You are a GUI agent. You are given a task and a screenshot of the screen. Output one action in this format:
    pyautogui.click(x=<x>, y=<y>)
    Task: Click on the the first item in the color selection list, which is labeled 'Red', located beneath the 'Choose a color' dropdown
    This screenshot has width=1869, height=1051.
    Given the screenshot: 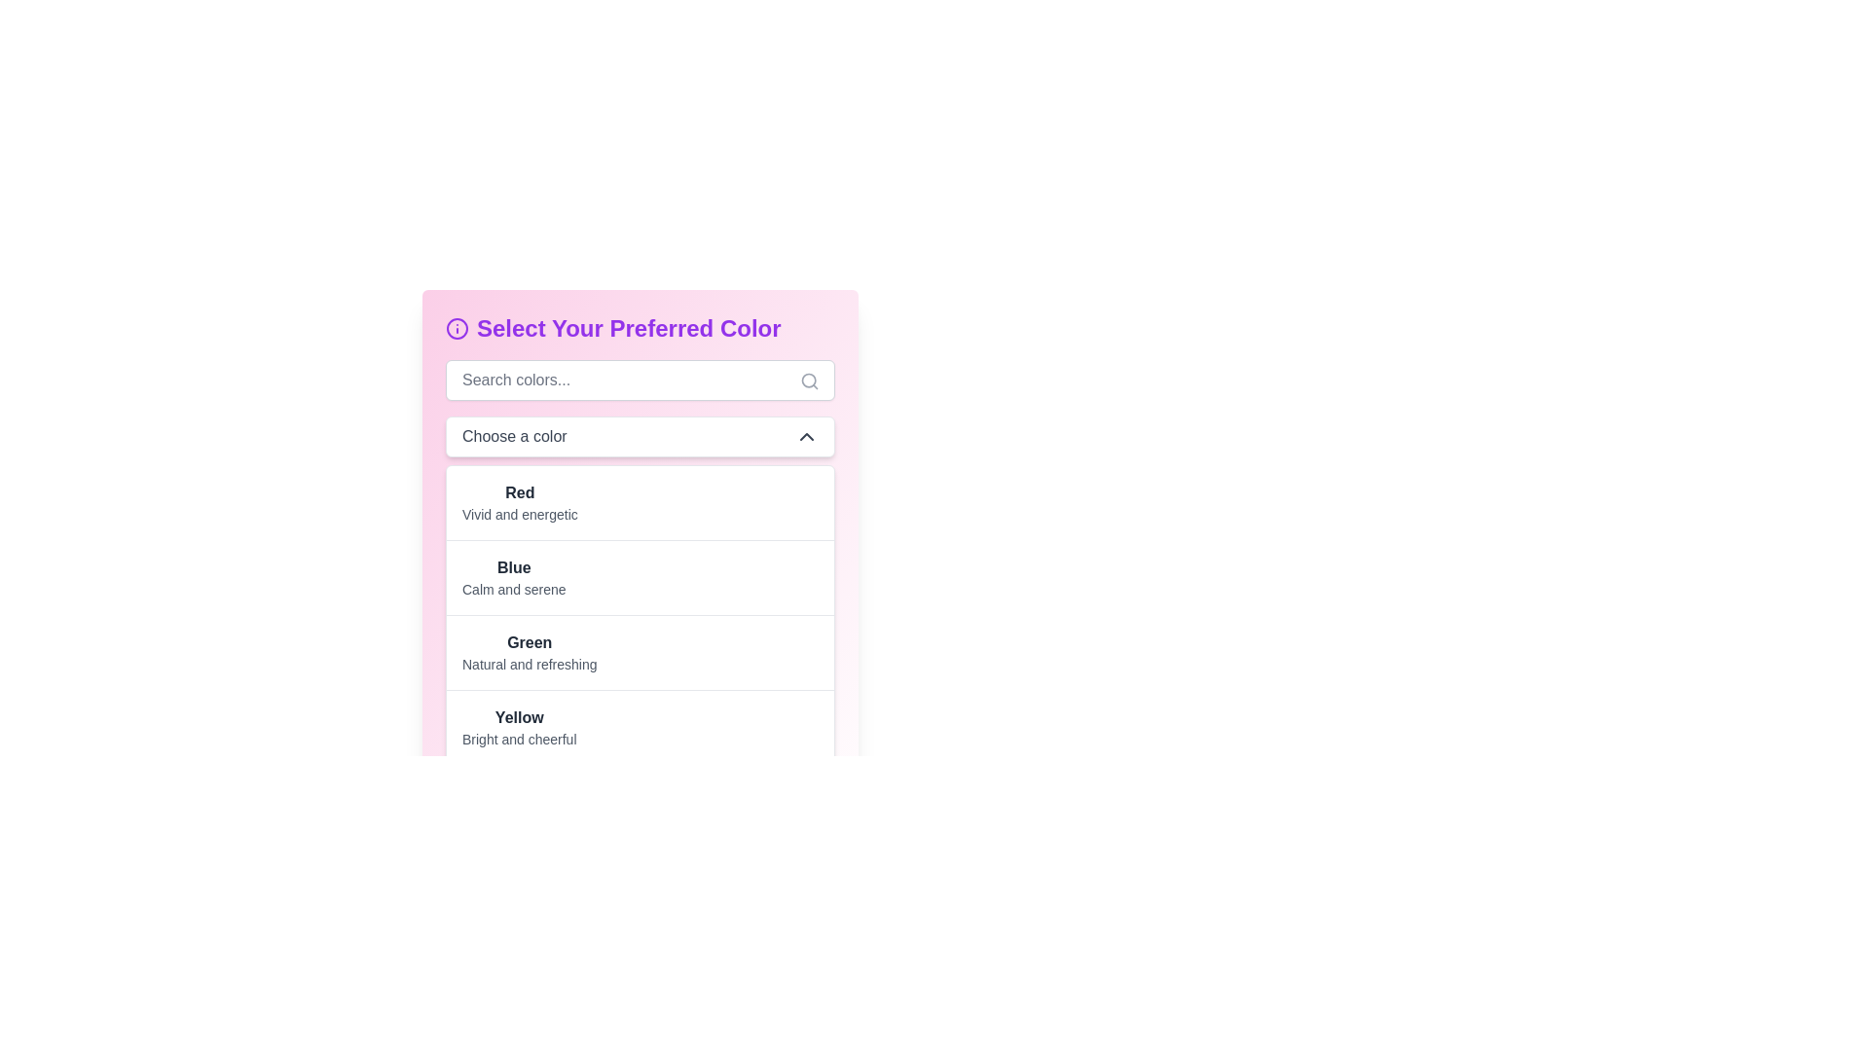 What is the action you would take?
    pyautogui.click(x=640, y=501)
    